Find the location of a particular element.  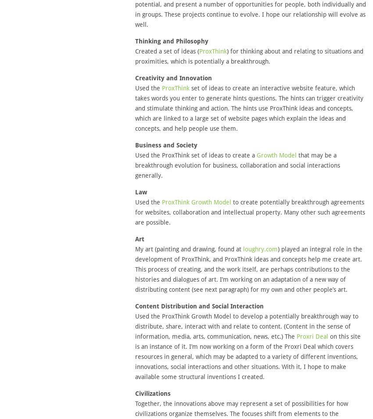

'My art (painting and drawing, found at' is located at coordinates (135, 249).